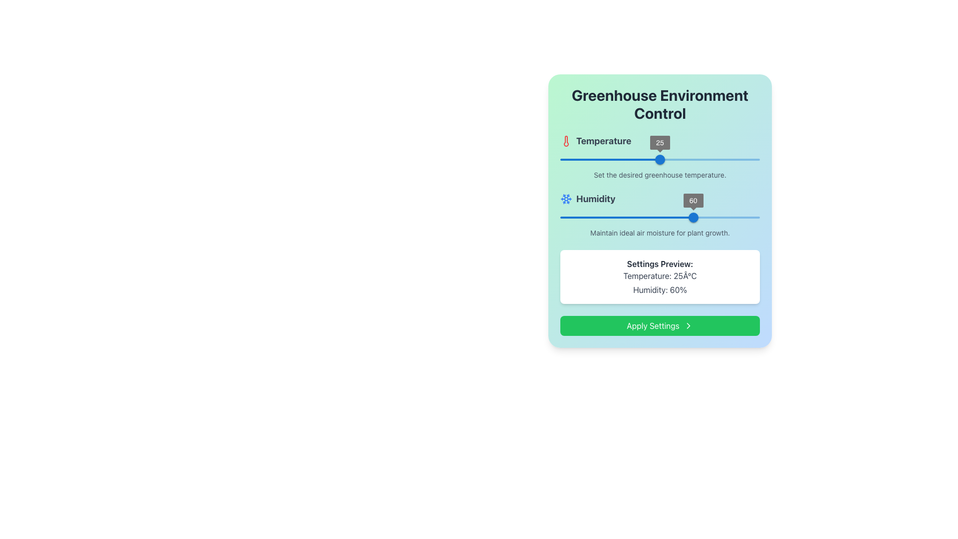 The width and height of the screenshot is (958, 539). I want to click on the right-facing chevron icon located at the extreme right end of the 'Apply Settings' button to apply the settings, so click(688, 325).